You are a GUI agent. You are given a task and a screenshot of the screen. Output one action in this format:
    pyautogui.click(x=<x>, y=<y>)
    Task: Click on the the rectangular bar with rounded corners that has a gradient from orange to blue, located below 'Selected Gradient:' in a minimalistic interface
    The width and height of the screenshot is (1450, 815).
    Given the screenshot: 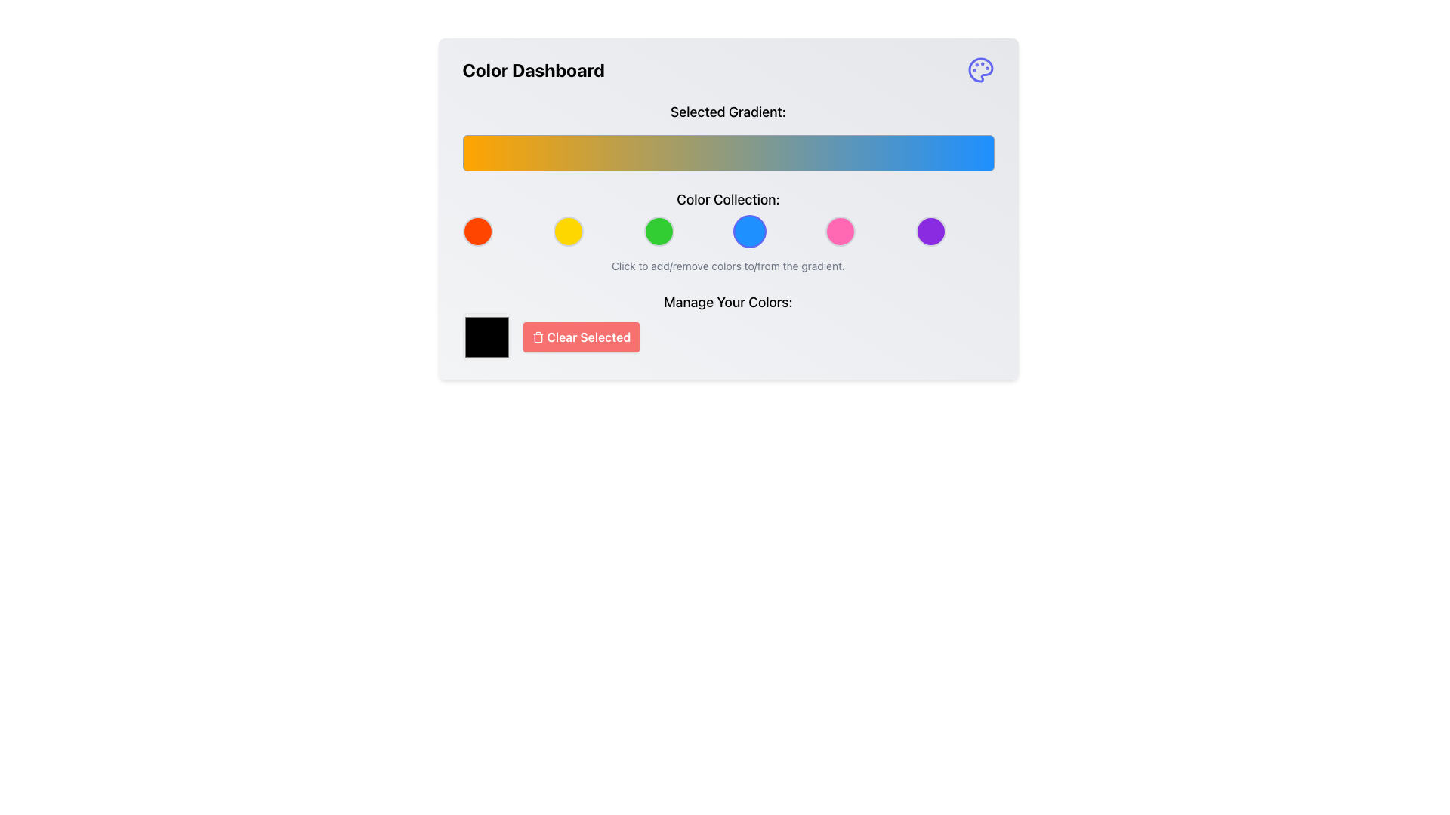 What is the action you would take?
    pyautogui.click(x=728, y=153)
    